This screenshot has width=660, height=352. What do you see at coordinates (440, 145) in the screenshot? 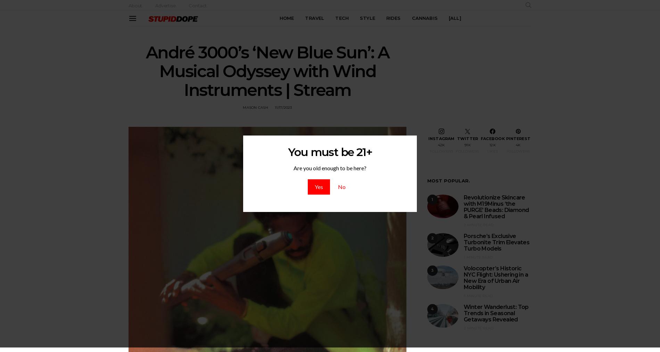
I see `'42K'` at bounding box center [440, 145].